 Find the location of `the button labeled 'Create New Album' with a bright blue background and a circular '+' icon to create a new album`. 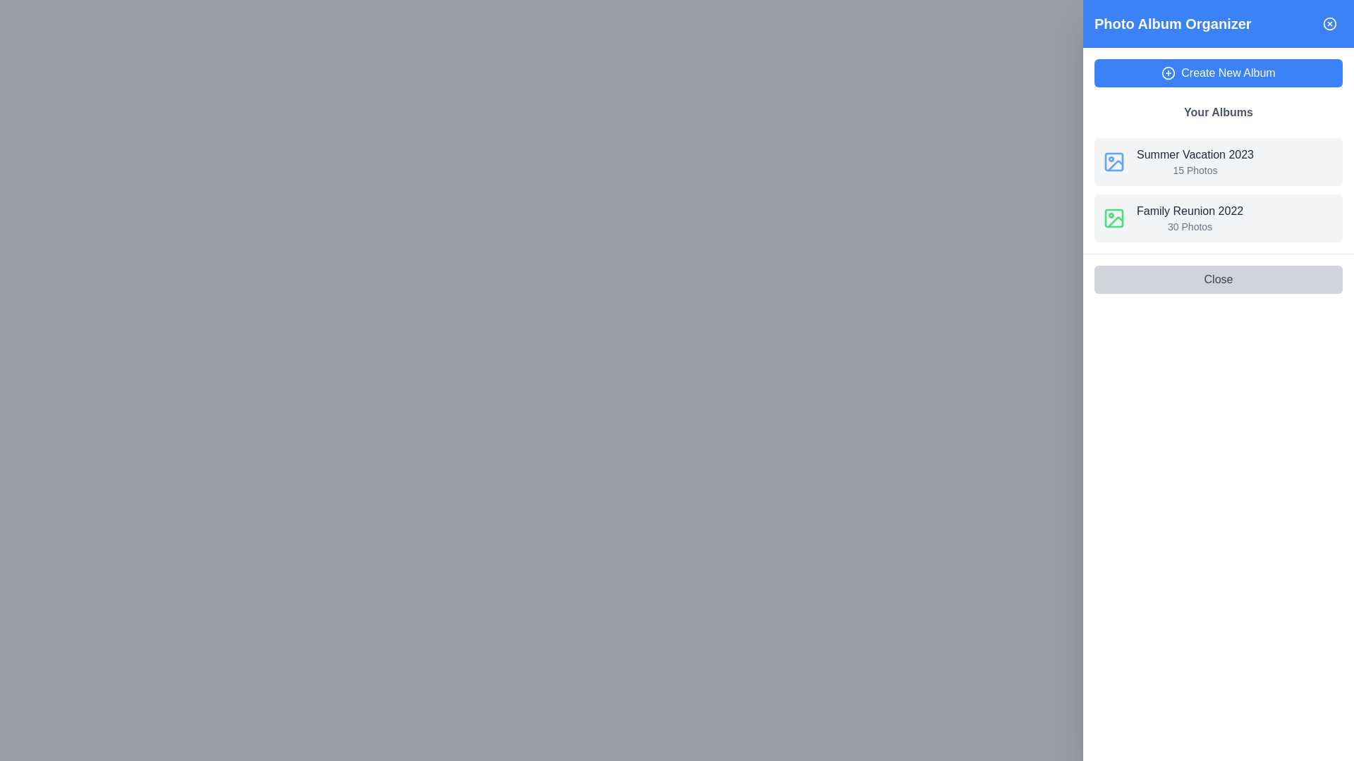

the button labeled 'Create New Album' with a bright blue background and a circular '+' icon to create a new album is located at coordinates (1218, 73).